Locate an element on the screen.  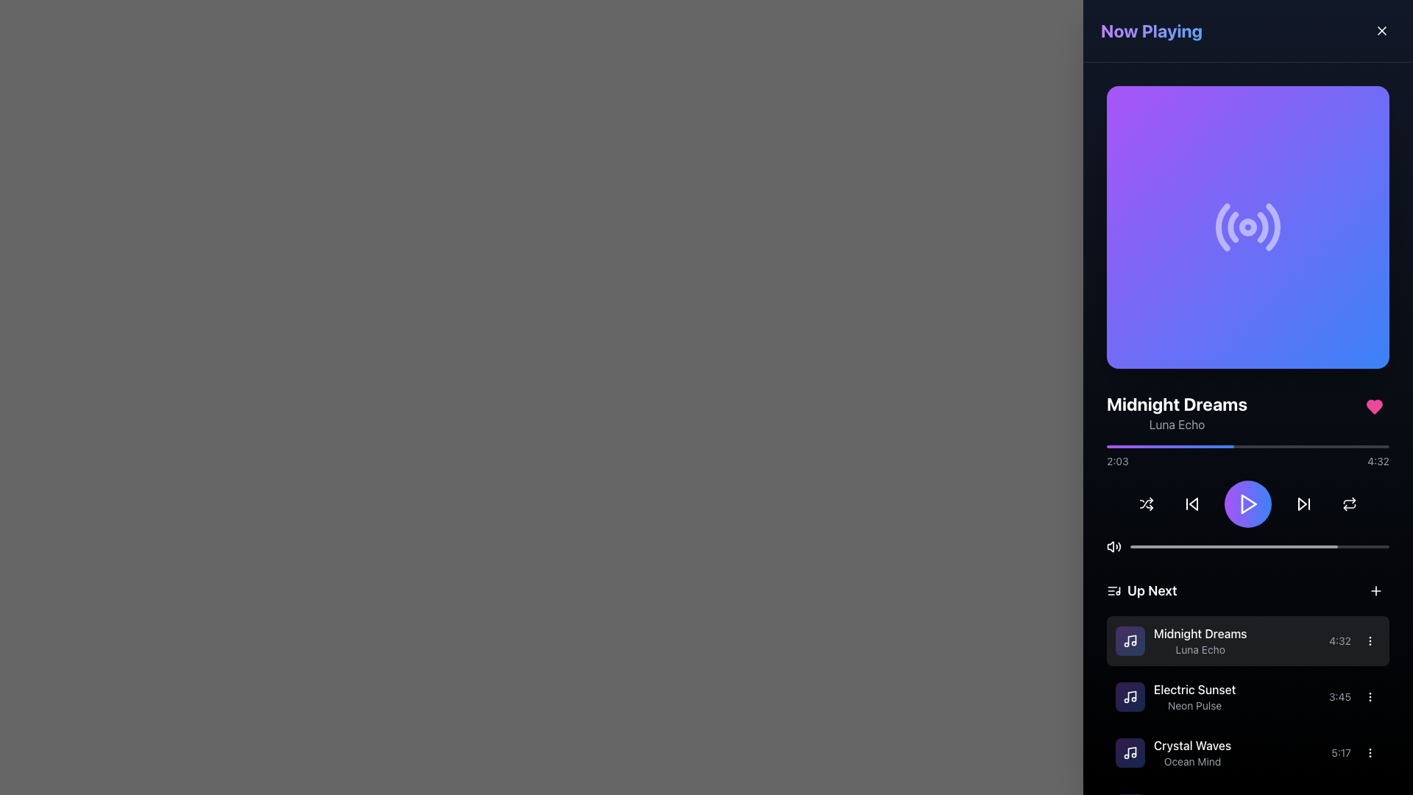
the play button located at the center of the control bar is located at coordinates (1247, 504).